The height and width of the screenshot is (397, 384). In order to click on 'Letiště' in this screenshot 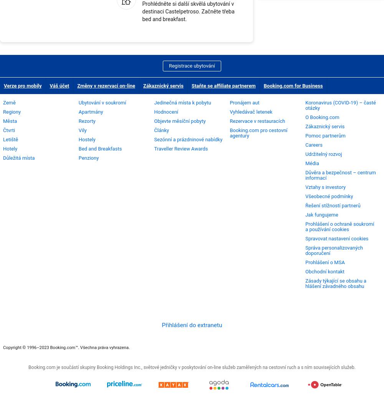, I will do `click(10, 139)`.